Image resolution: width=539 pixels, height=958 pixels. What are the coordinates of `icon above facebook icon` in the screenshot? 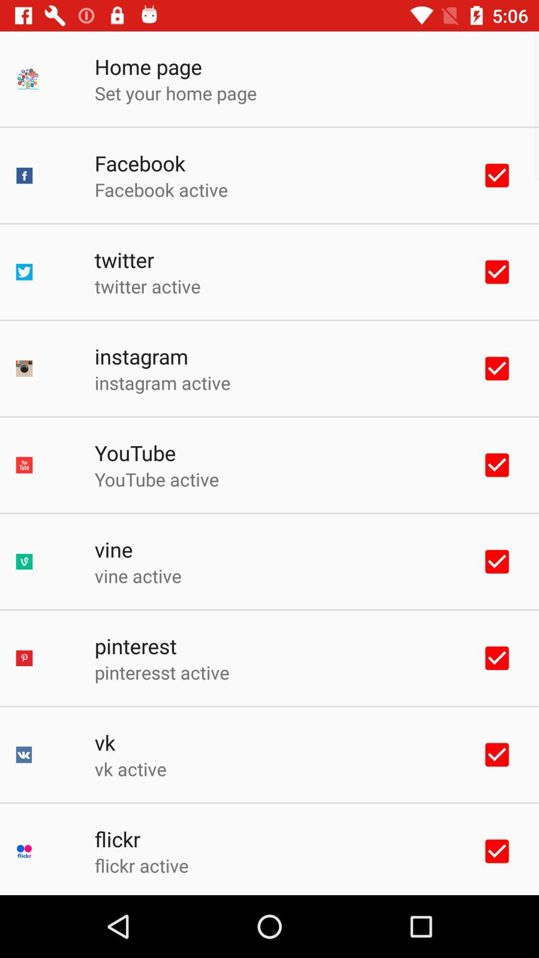 It's located at (175, 93).